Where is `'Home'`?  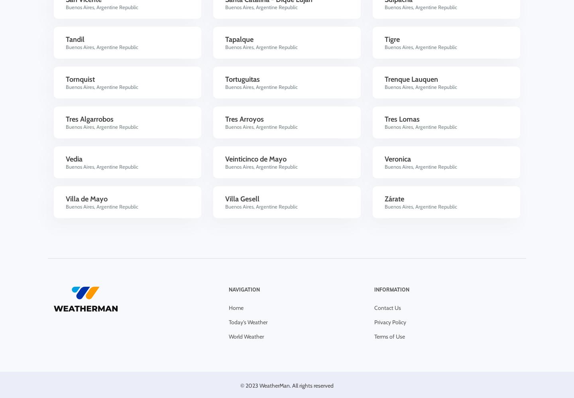
'Home' is located at coordinates (236, 307).